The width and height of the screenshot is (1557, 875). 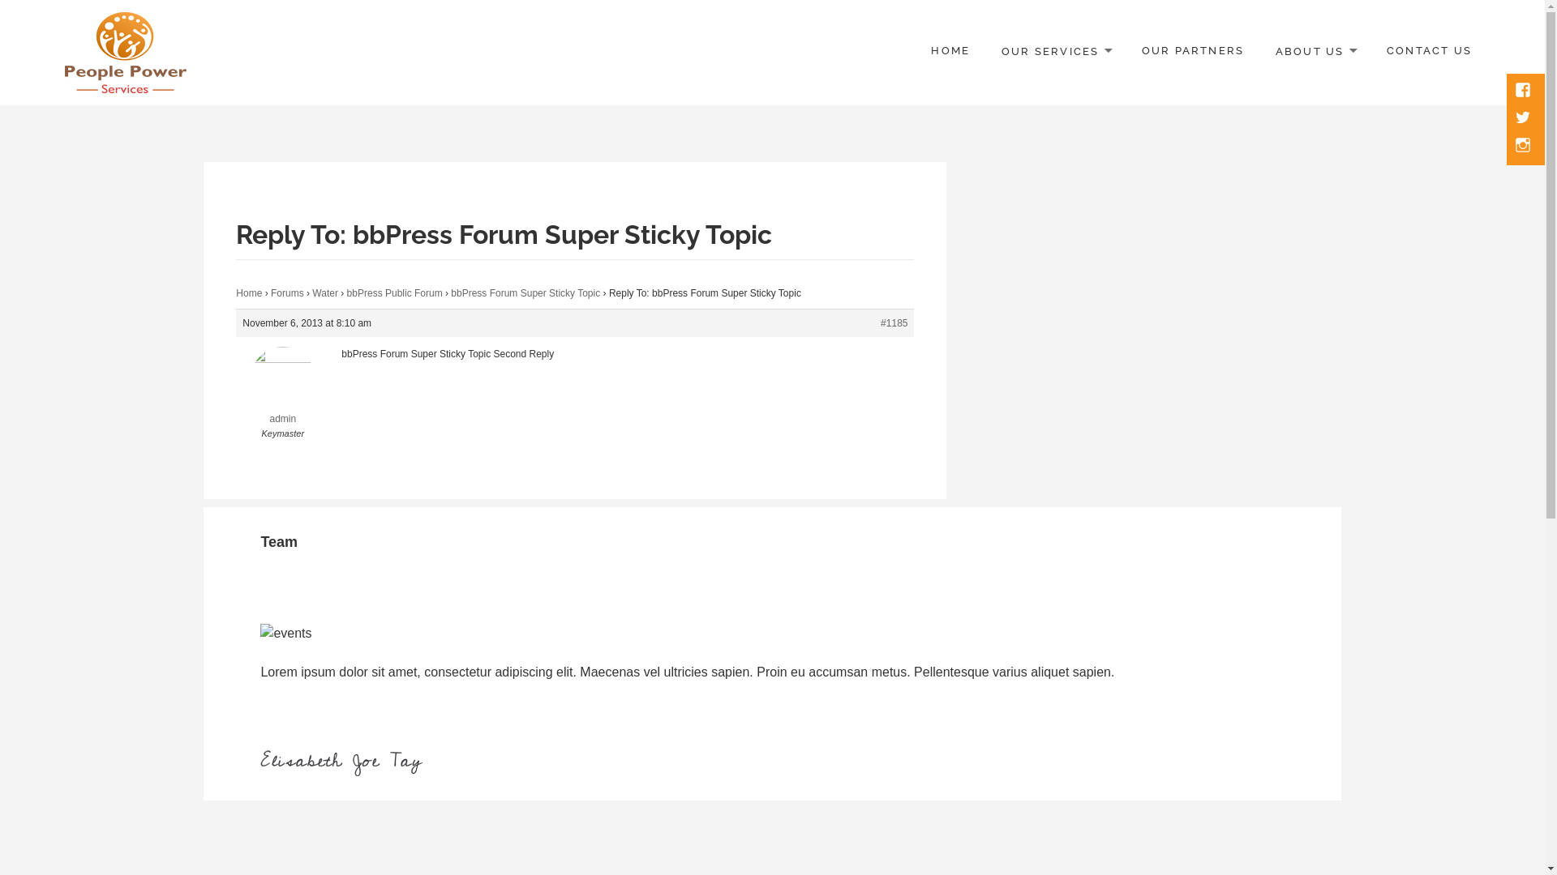 I want to click on 'bbPress Forum Super Sticky Topic', so click(x=451, y=293).